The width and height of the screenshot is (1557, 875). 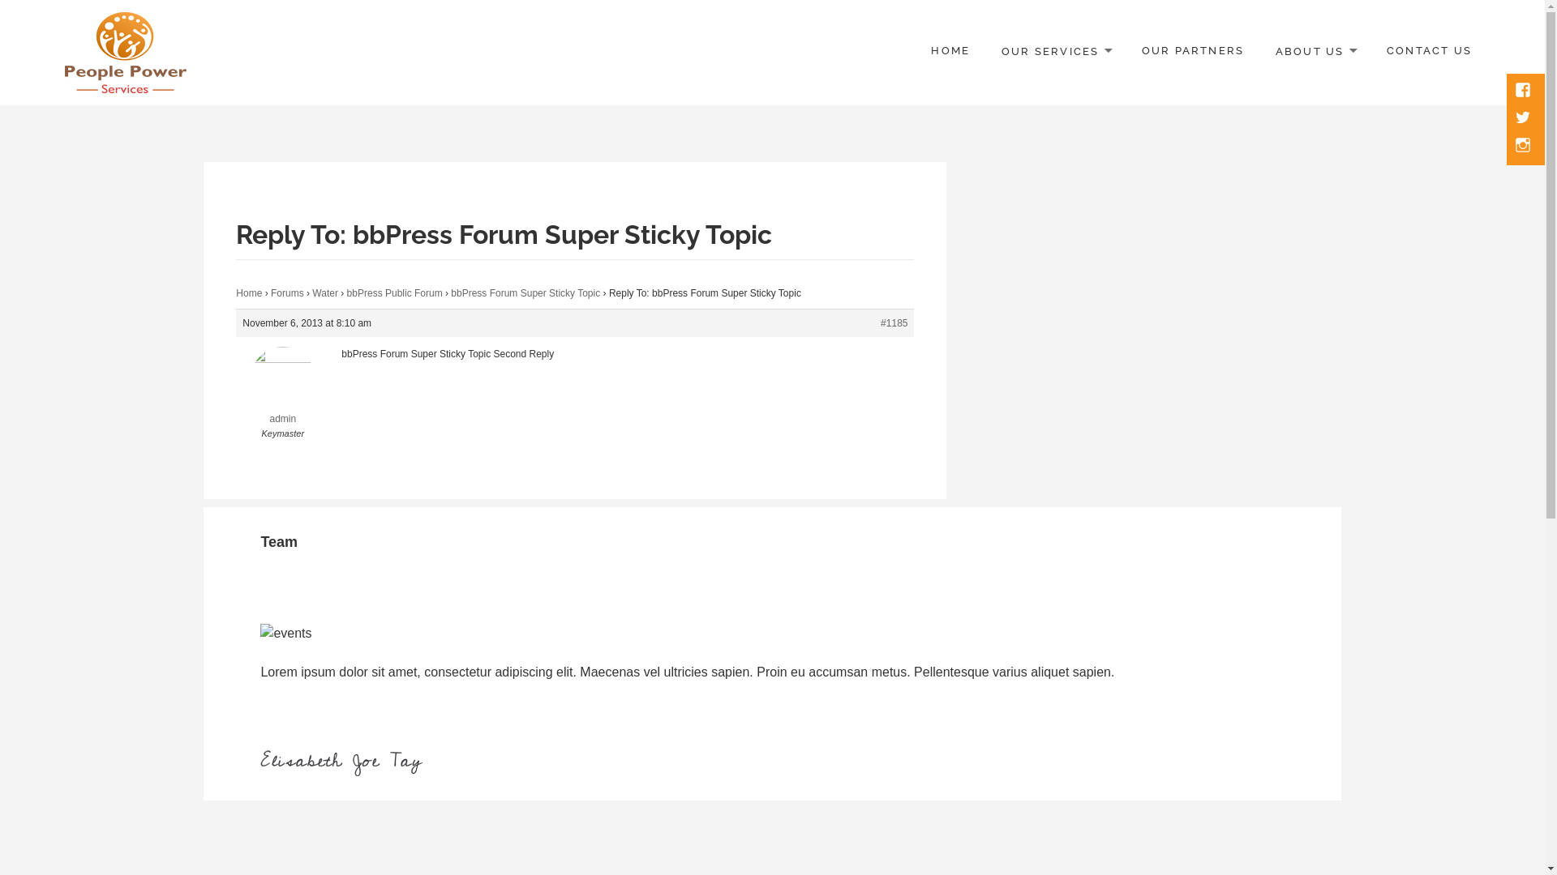 I want to click on 'bbPress Forum Super Sticky Topic', so click(x=451, y=293).